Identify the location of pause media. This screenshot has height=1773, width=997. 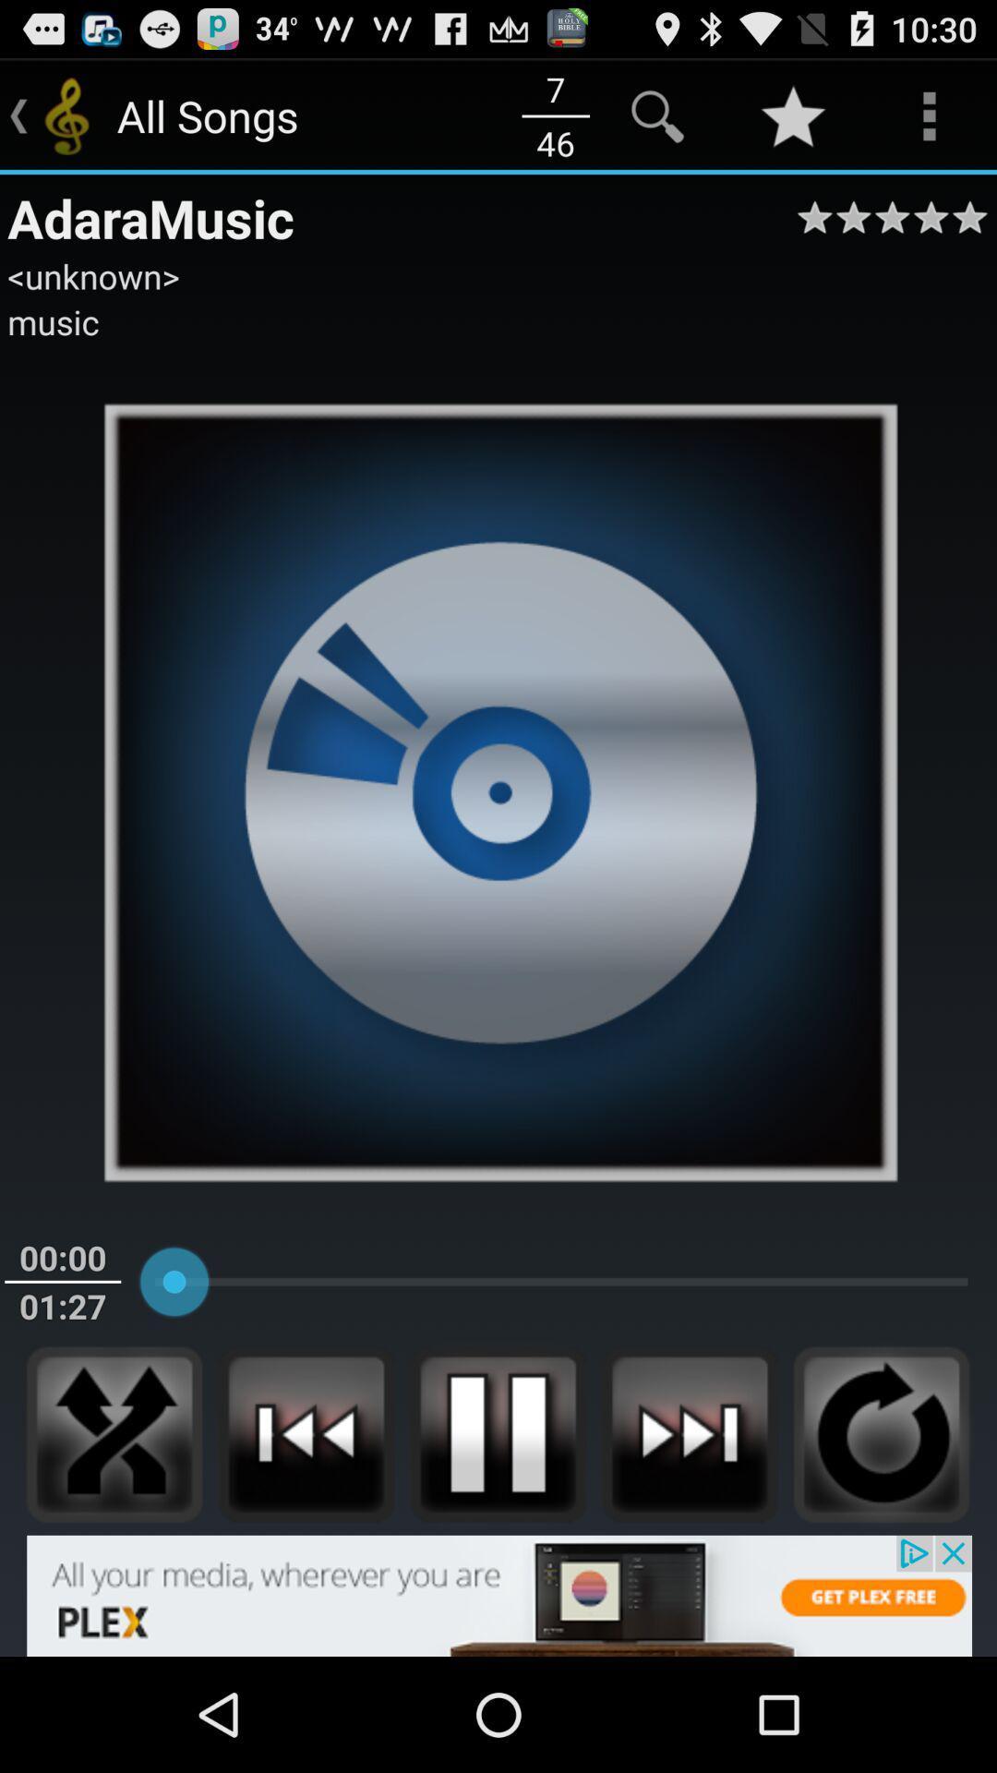
(497, 1433).